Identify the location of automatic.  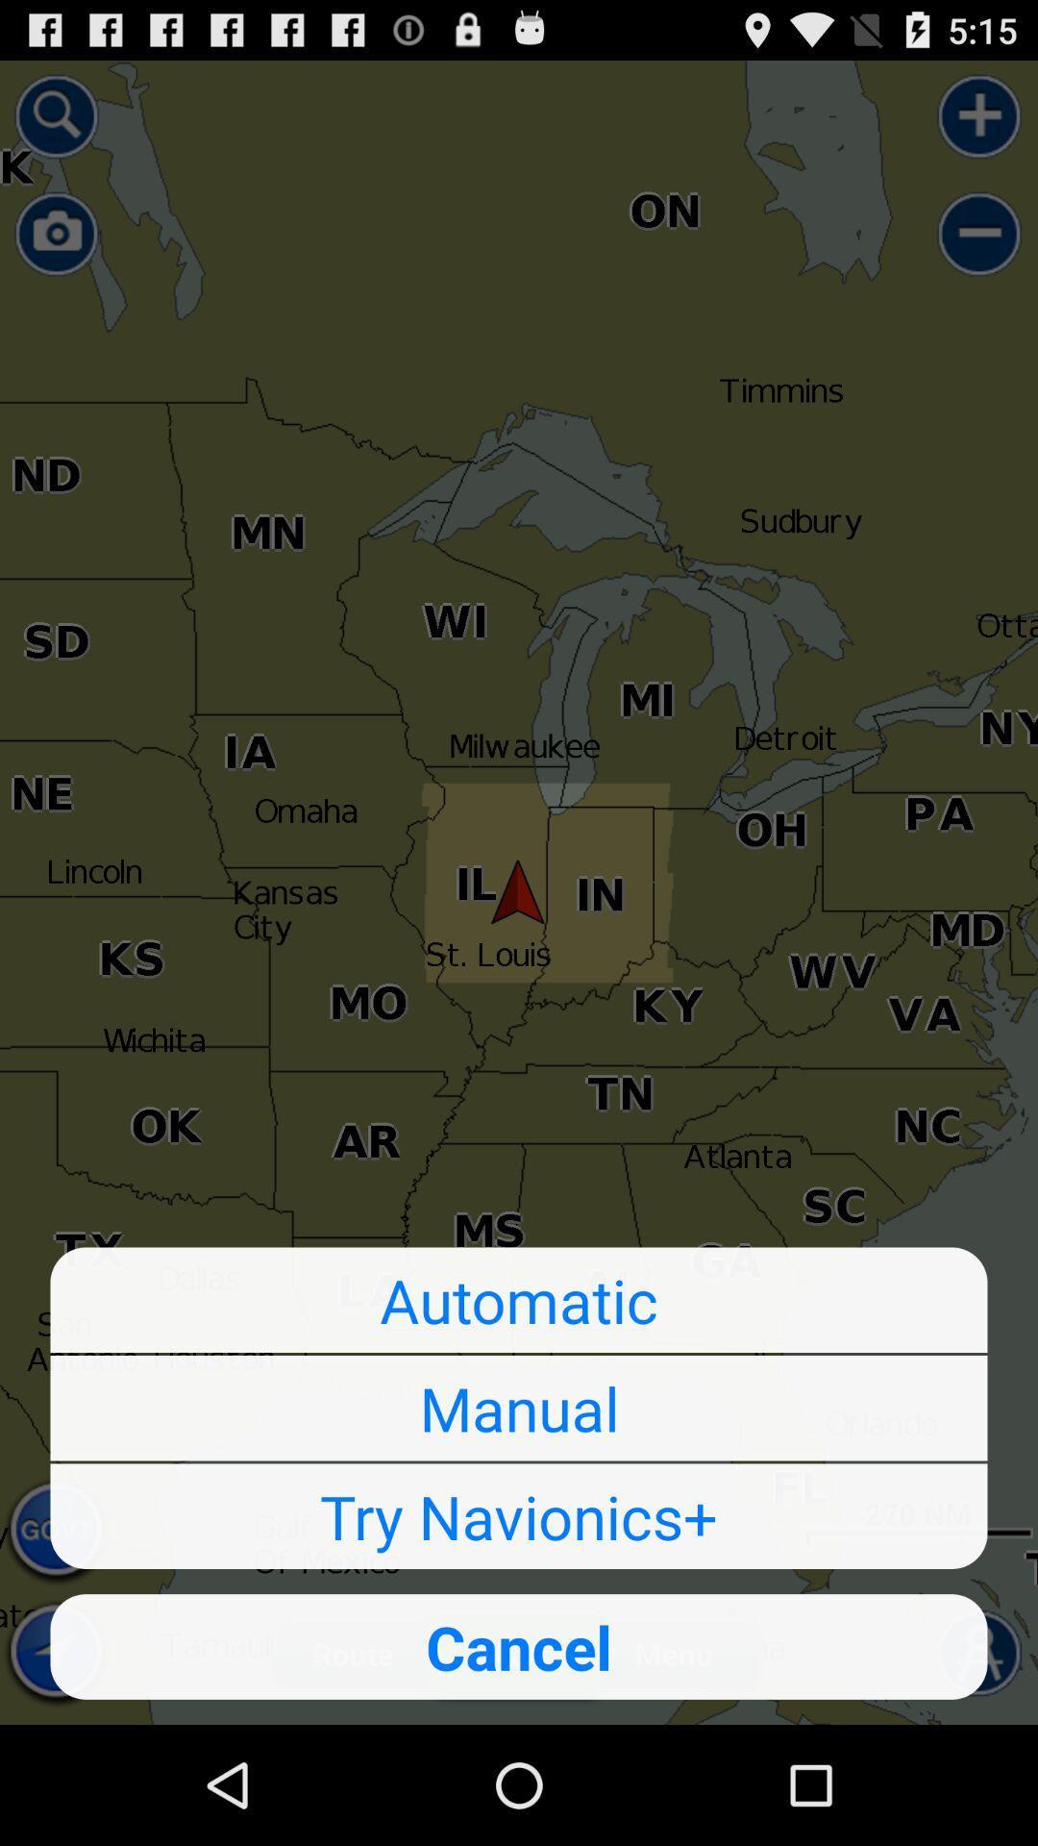
(519, 1300).